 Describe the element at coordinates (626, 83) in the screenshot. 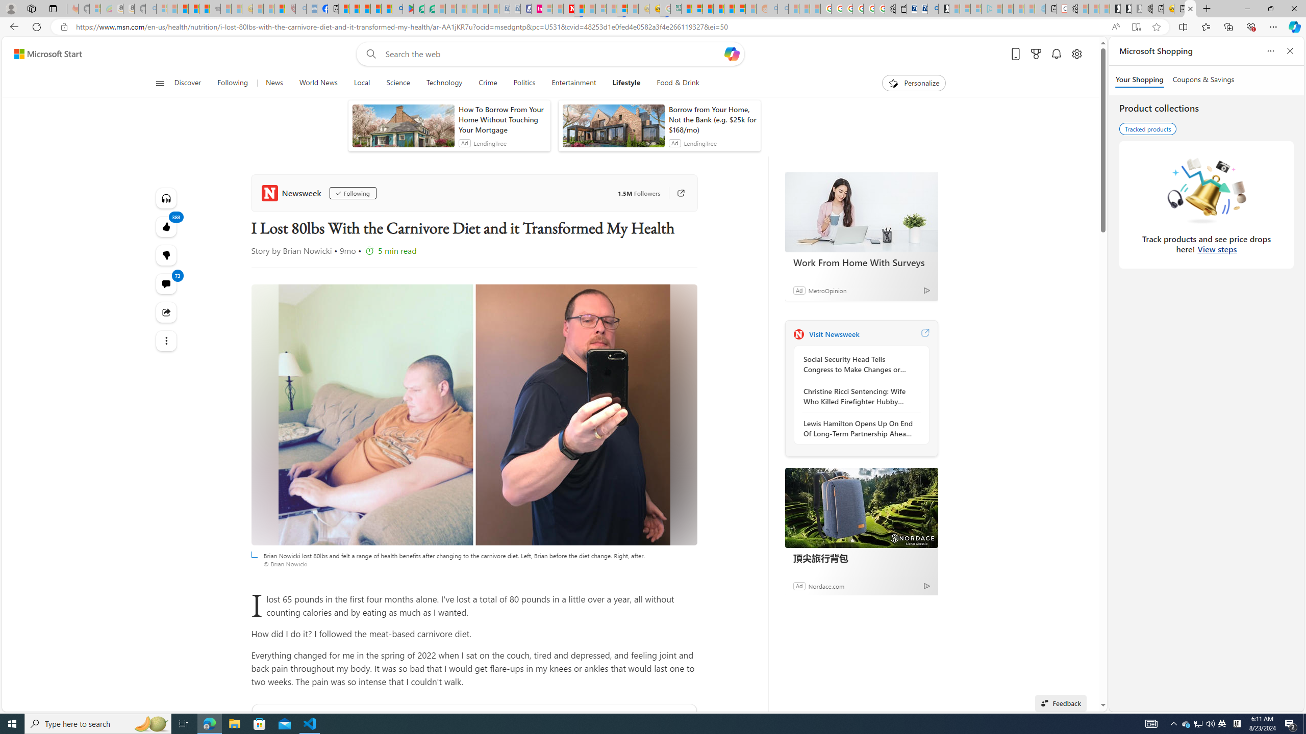

I see `'Lifestyle'` at that location.